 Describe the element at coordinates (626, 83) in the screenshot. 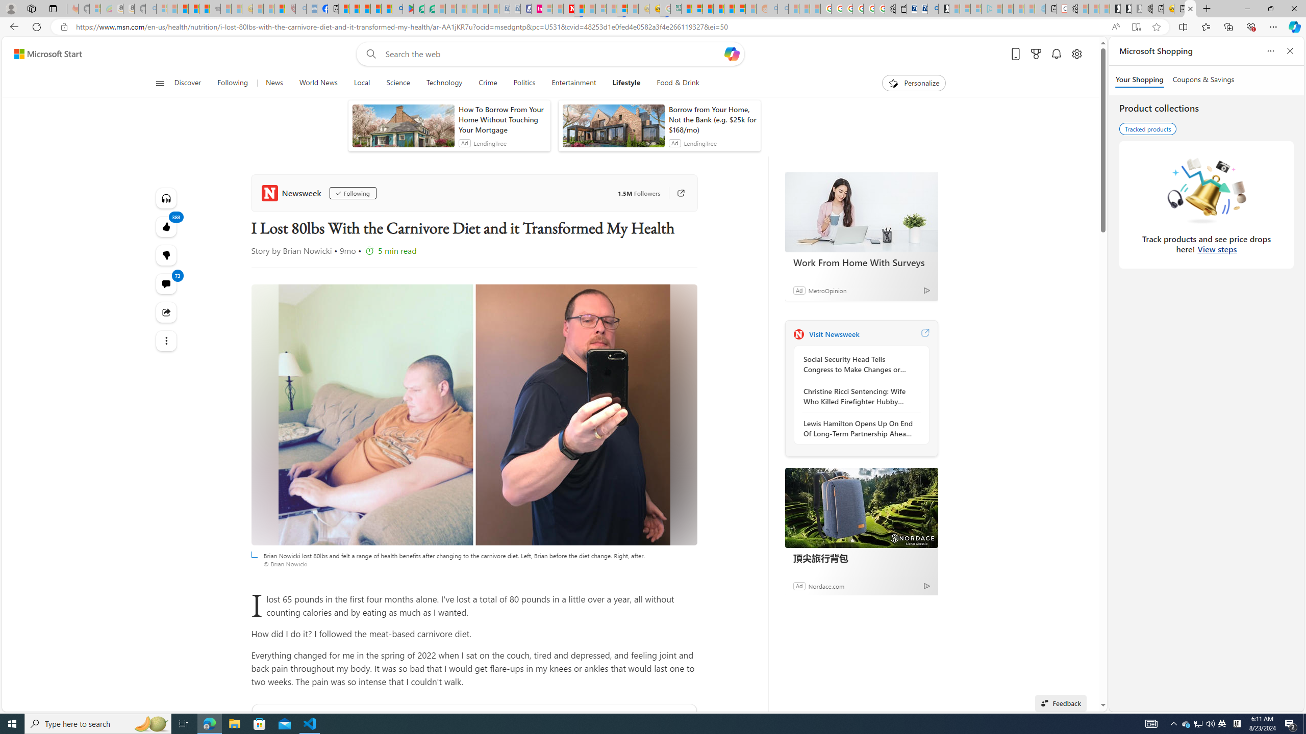

I see `'Lifestyle'` at that location.